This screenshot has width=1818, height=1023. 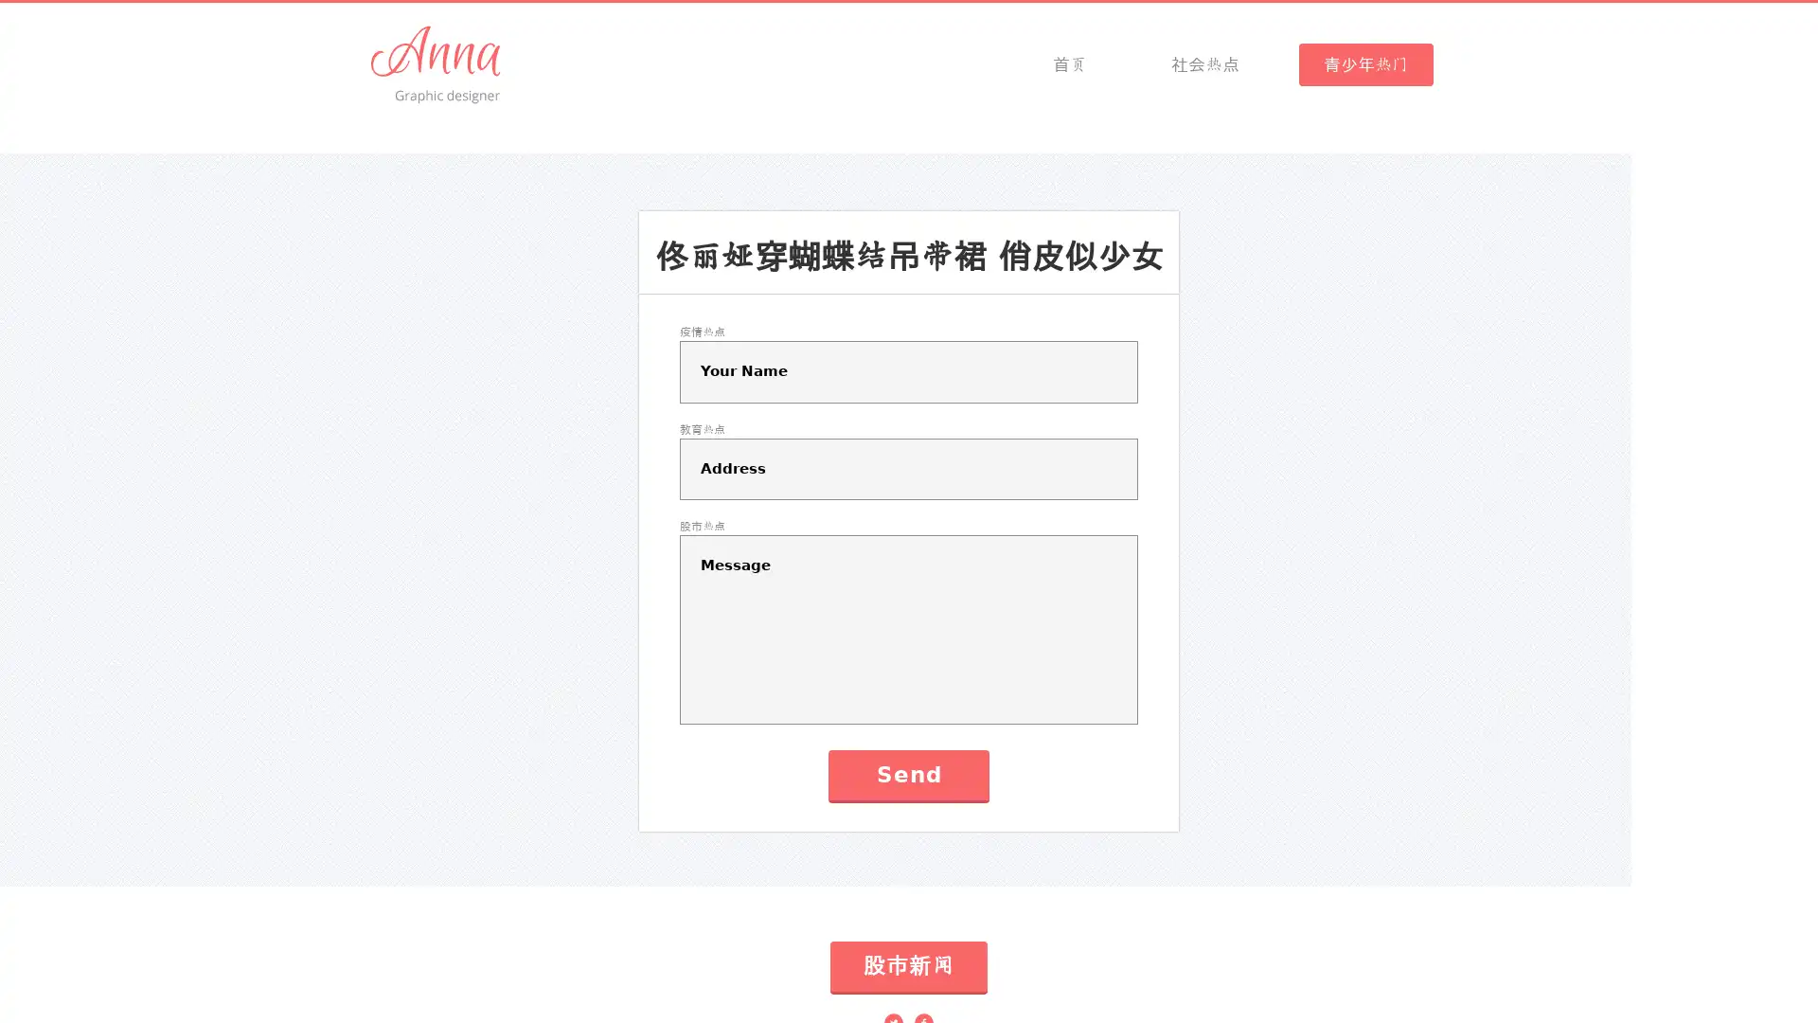 I want to click on Send, so click(x=907, y=777).